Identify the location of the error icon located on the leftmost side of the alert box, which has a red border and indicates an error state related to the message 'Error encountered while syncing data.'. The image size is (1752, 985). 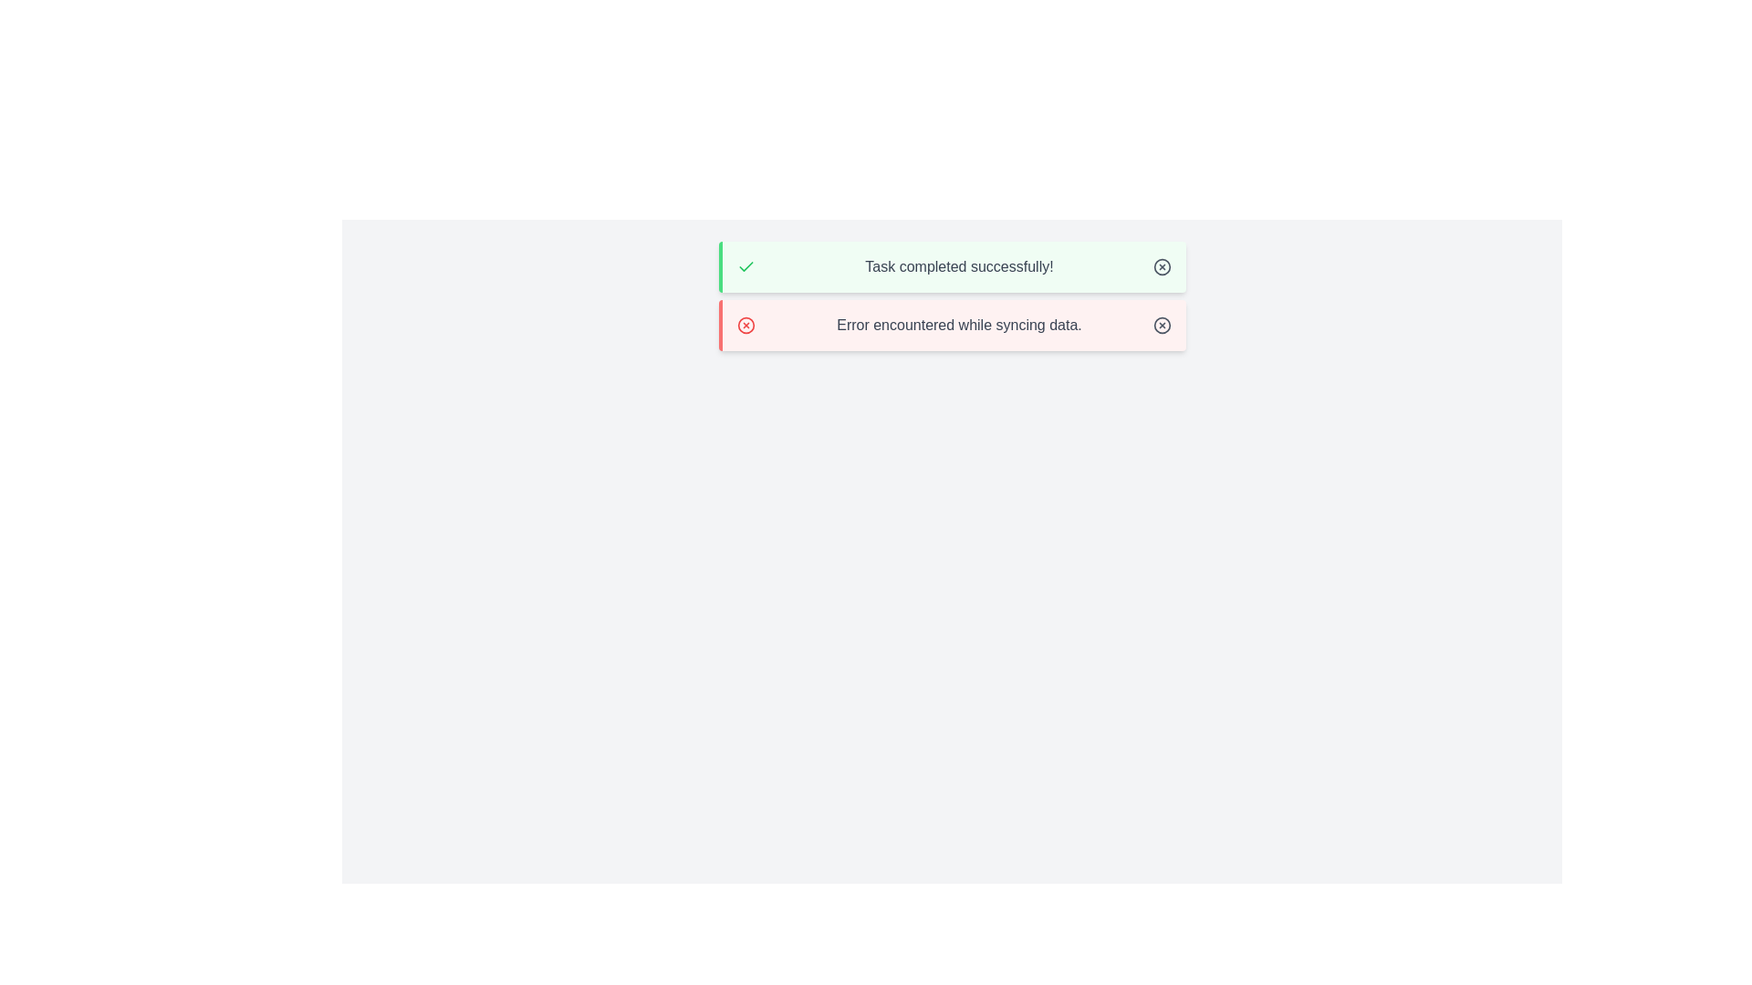
(746, 325).